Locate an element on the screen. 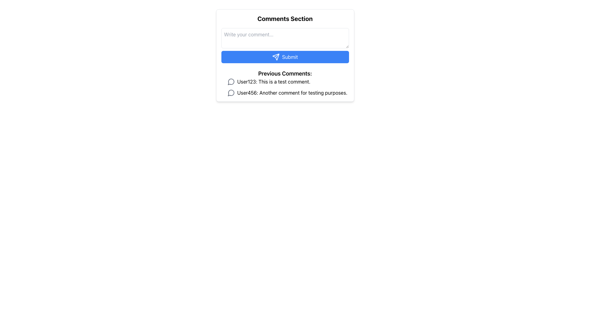 The width and height of the screenshot is (592, 333). the blue rectangular 'Submit' button with rounded corners that contains a paper airplane icon and the text 'Submit', located in the comments section below the text input field is located at coordinates (285, 55).